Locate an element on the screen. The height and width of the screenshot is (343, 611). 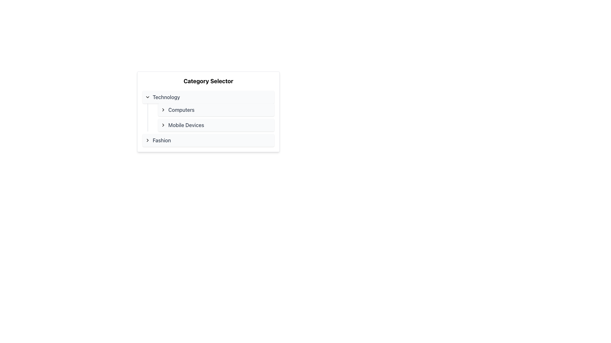
the text label for the selectable category option located in the 'Category Selector' section is located at coordinates (166, 97).